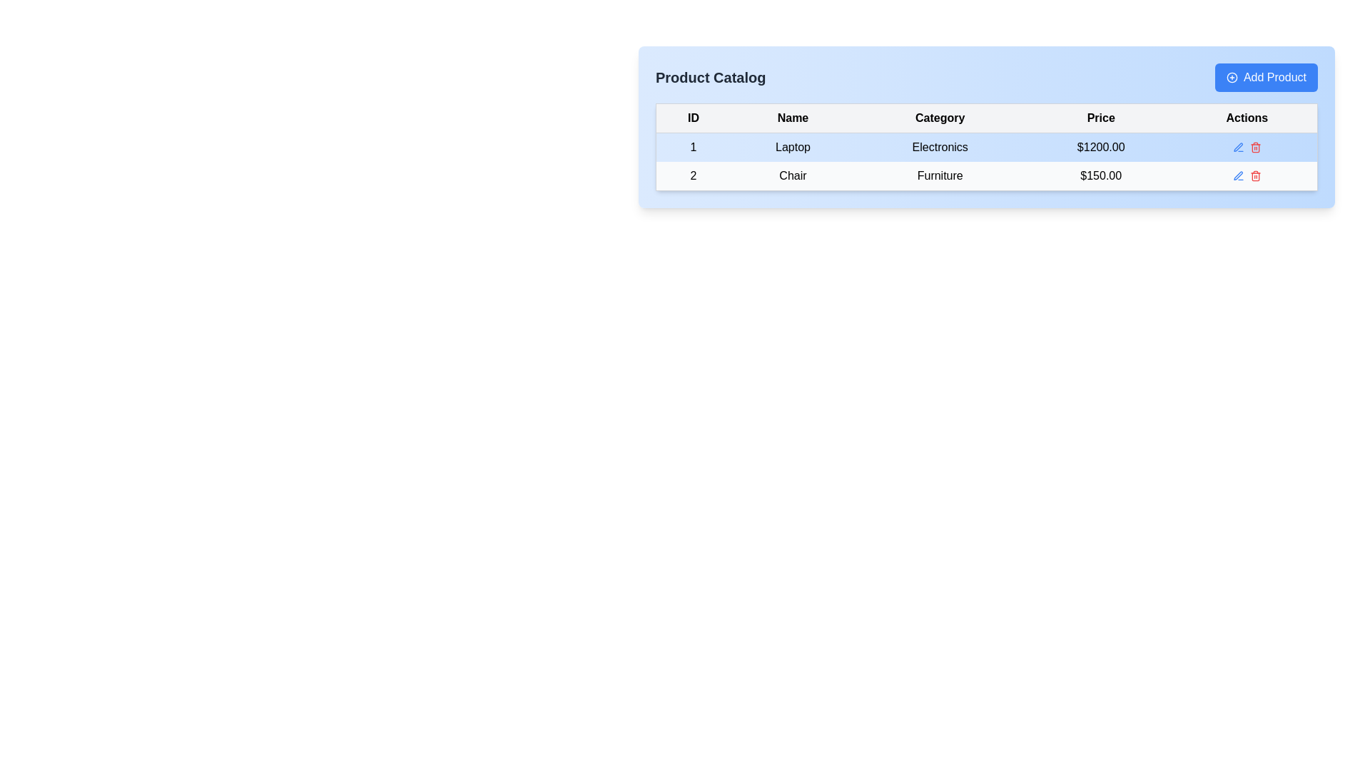 Image resolution: width=1370 pixels, height=770 pixels. I want to click on the first row of the product catalog table, so click(985, 147).